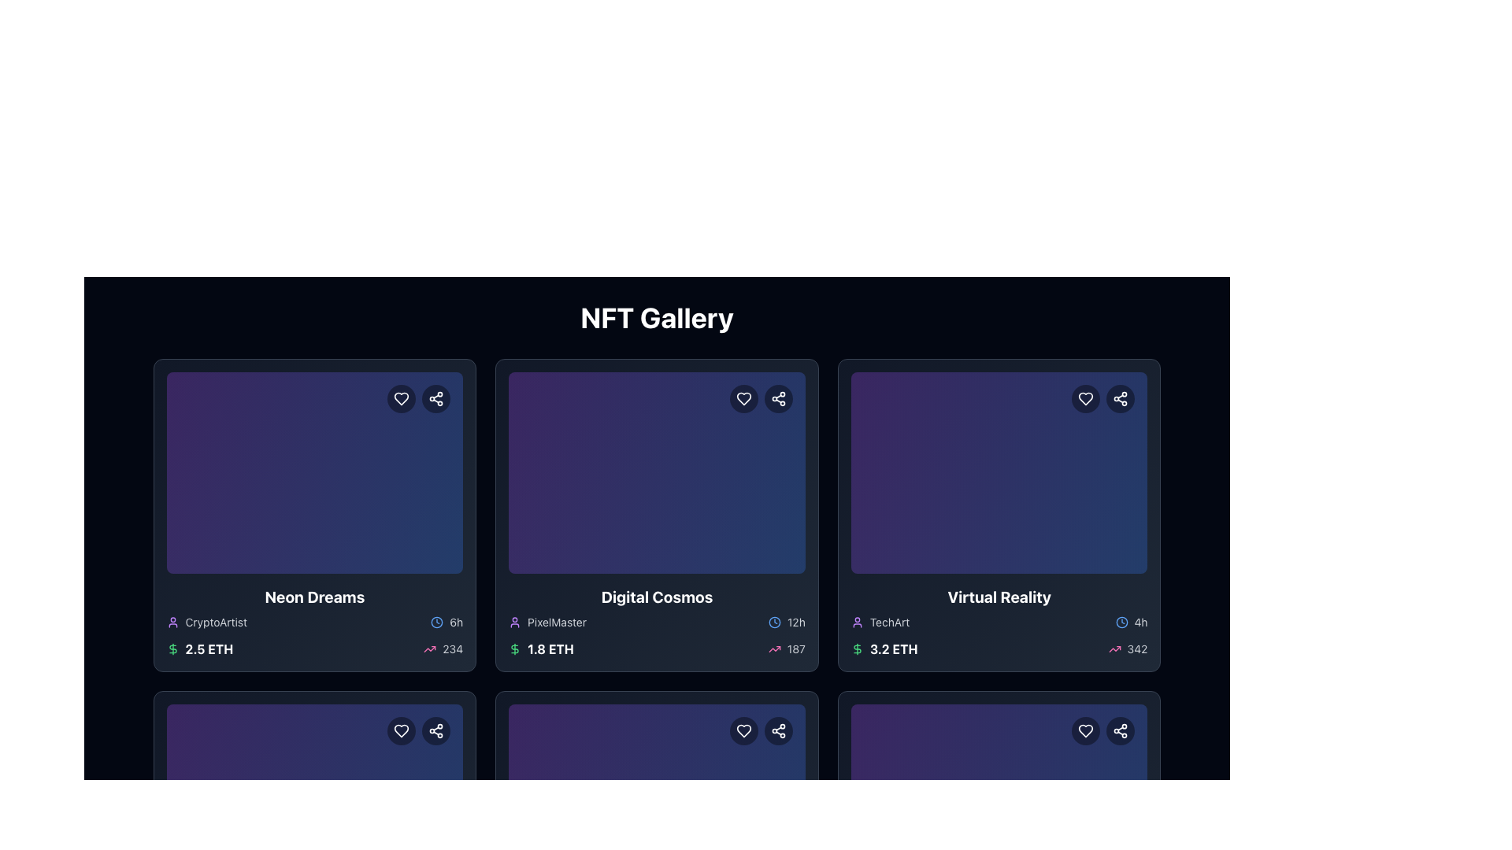 The width and height of the screenshot is (1512, 850). Describe the element at coordinates (743, 397) in the screenshot. I see `the heart icon in the top-right corner of the second card in the first row` at that location.